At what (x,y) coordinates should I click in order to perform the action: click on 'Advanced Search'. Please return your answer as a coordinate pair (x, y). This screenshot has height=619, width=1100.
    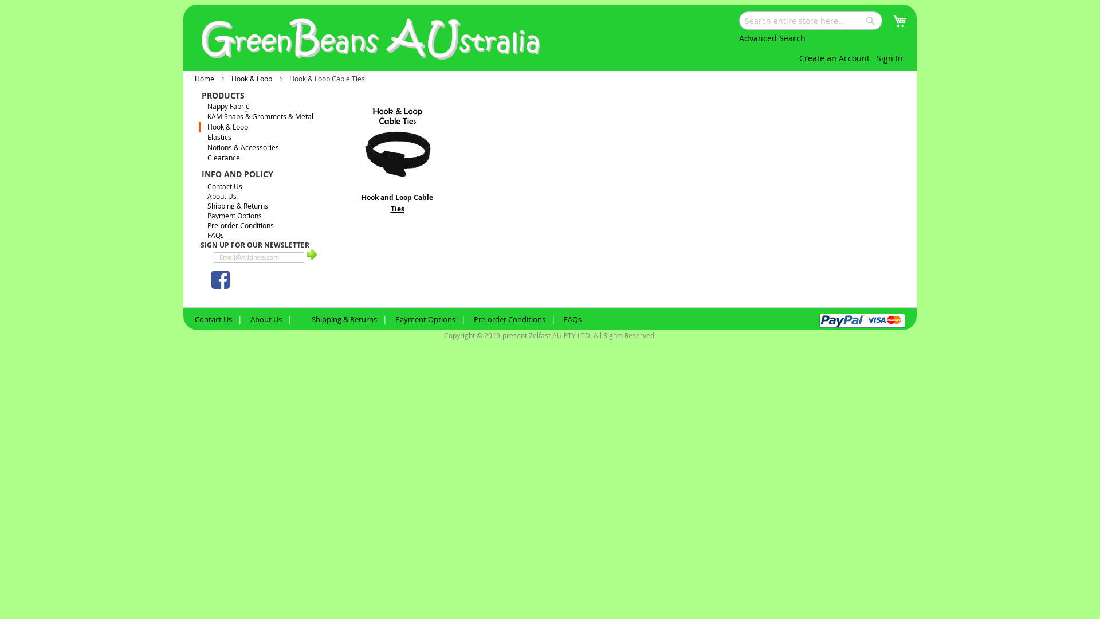
    Looking at the image, I should click on (772, 37).